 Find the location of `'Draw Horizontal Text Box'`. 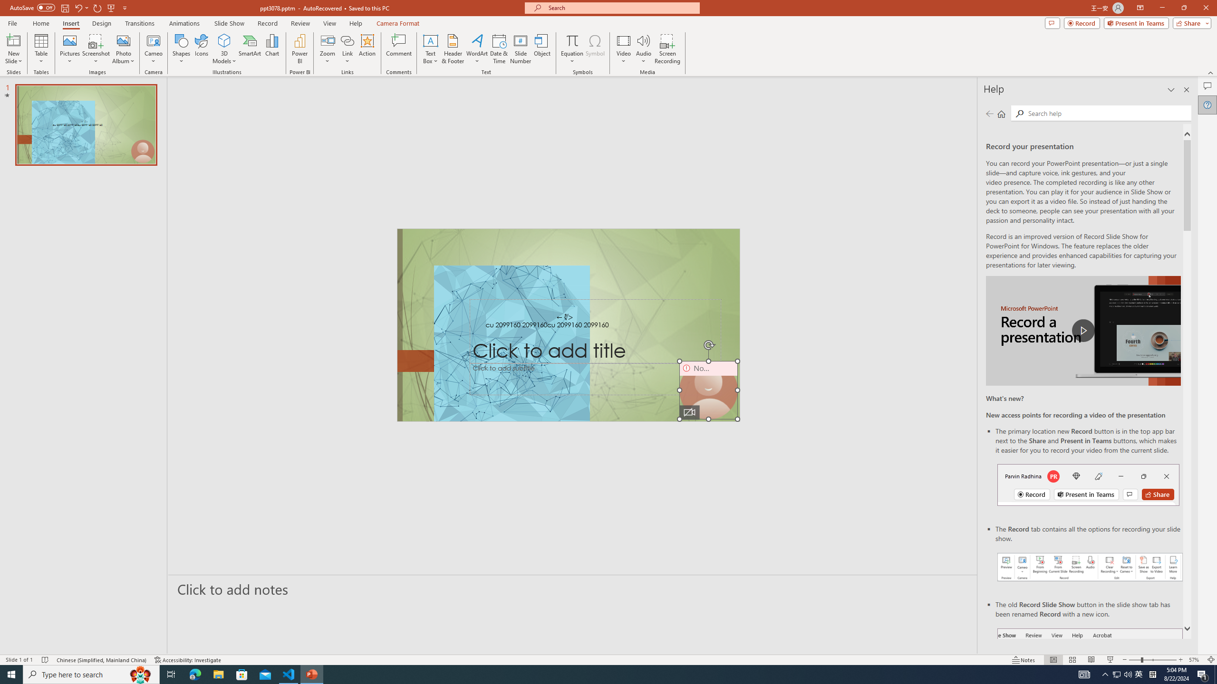

'Draw Horizontal Text Box' is located at coordinates (430, 40).